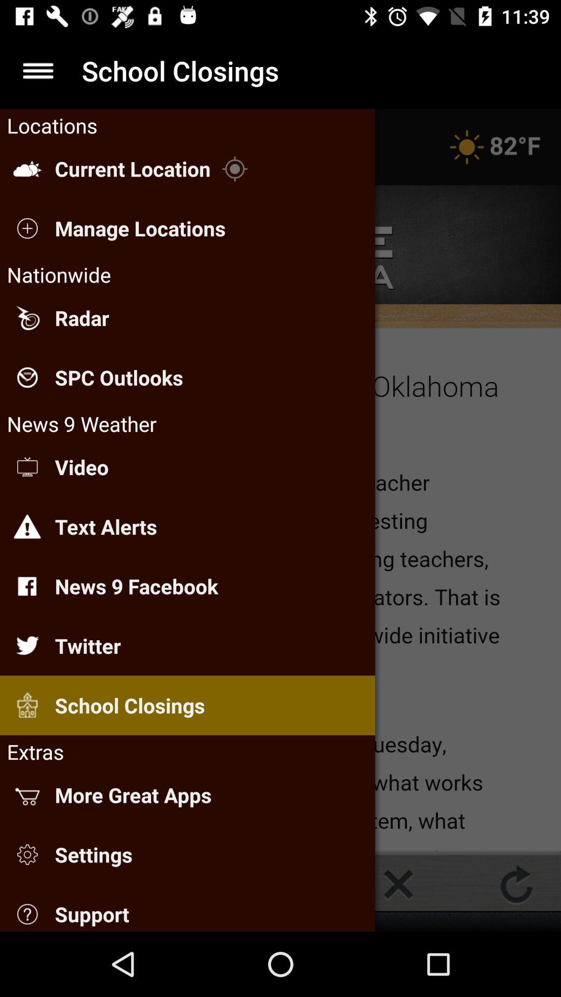 This screenshot has height=997, width=561. Describe the element at coordinates (516, 884) in the screenshot. I see `the refresh icon` at that location.